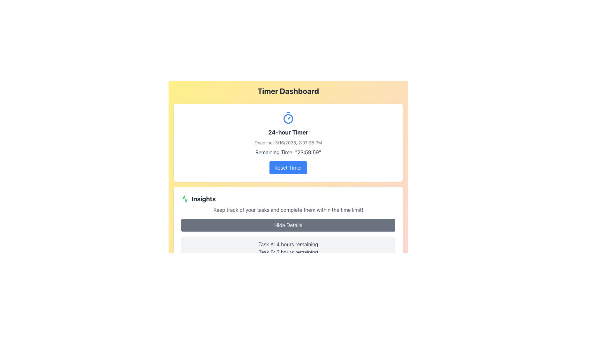 The height and width of the screenshot is (345, 613). Describe the element at coordinates (185, 199) in the screenshot. I see `the decorative icon that represents activity or monitoring in the 'Insights' section, which is located to the left of the 'Insights' text element` at that location.